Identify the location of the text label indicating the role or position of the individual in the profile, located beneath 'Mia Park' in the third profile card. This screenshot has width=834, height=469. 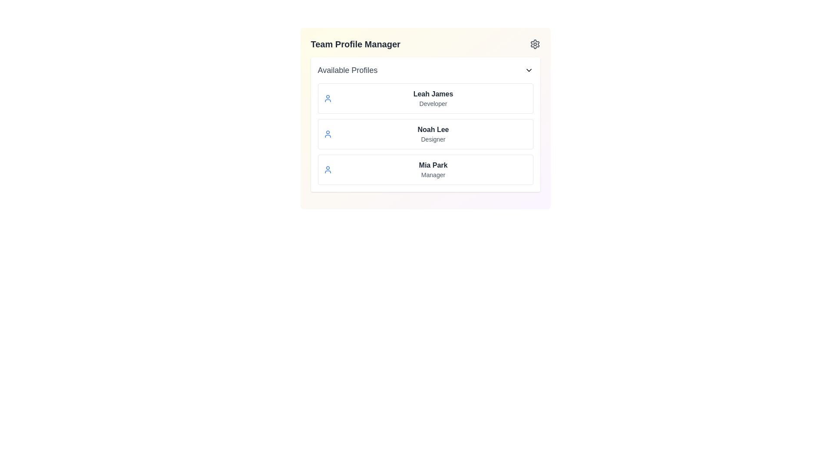
(433, 175).